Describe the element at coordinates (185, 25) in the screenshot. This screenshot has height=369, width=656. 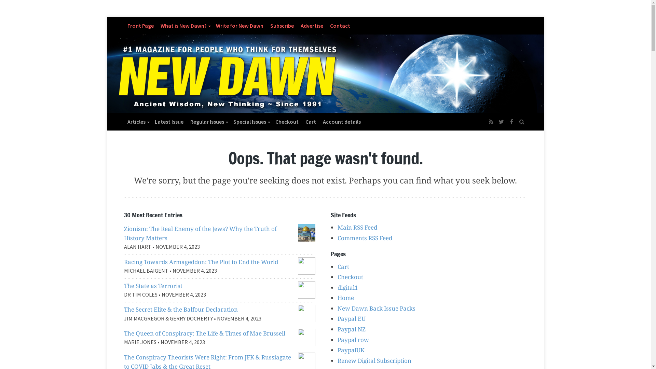
I see `'What is New Dawn?'` at that location.